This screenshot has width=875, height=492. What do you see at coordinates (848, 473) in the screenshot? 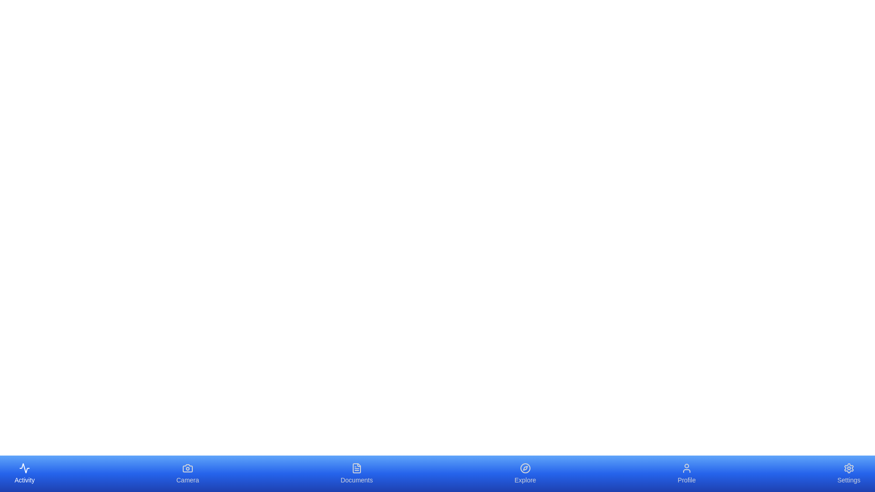
I see `the tab labeled Settings` at bounding box center [848, 473].